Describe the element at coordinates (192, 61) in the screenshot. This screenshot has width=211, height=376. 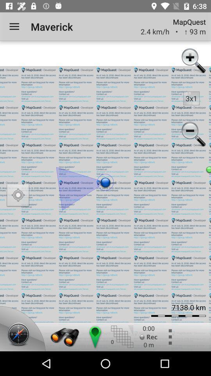
I see `zoom in` at that location.